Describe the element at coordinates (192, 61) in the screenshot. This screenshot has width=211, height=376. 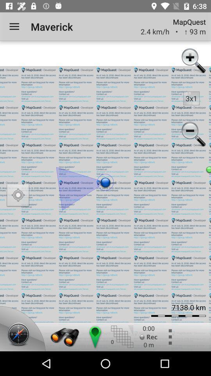
I see `zoom in` at that location.